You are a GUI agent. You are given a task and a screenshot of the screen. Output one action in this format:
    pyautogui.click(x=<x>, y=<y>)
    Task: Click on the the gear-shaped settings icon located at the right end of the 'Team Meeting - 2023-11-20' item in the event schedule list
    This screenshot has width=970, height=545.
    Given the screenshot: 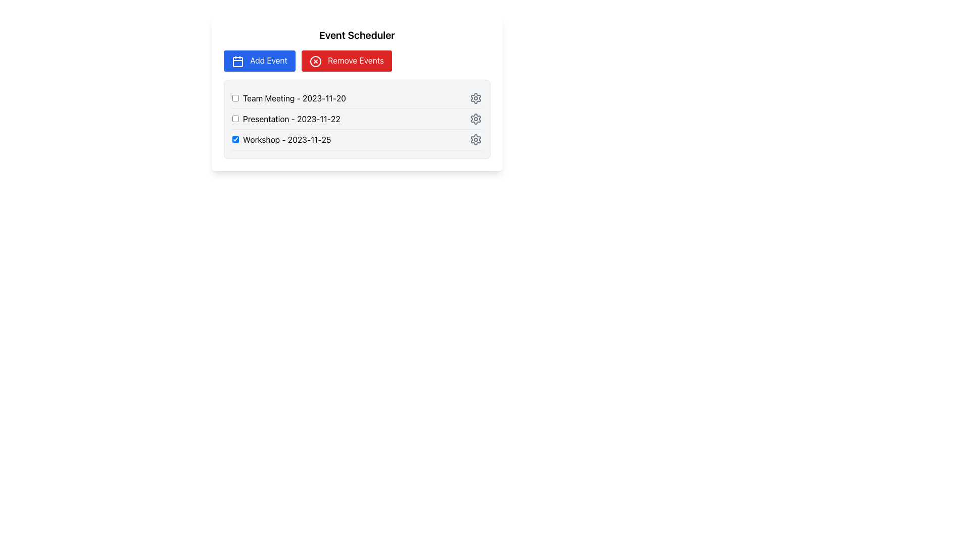 What is the action you would take?
    pyautogui.click(x=475, y=97)
    